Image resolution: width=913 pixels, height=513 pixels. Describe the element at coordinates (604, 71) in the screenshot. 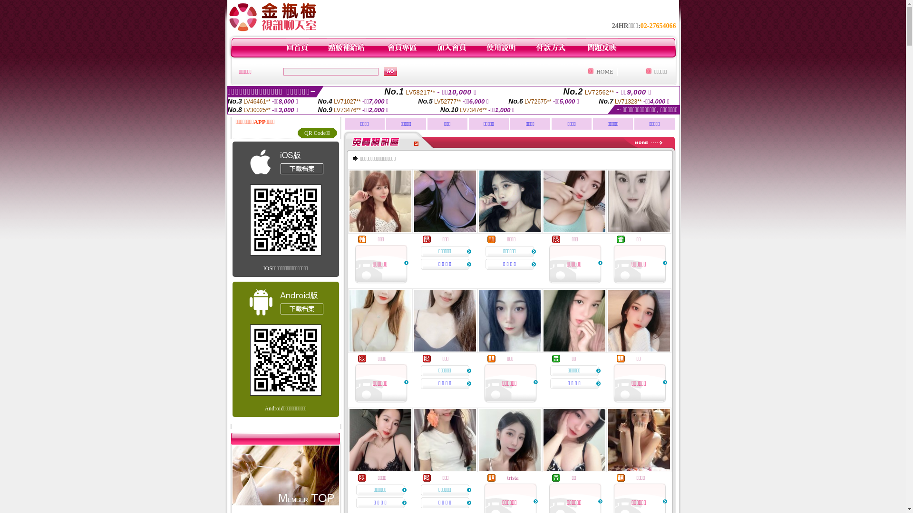

I see `'HOME'` at that location.